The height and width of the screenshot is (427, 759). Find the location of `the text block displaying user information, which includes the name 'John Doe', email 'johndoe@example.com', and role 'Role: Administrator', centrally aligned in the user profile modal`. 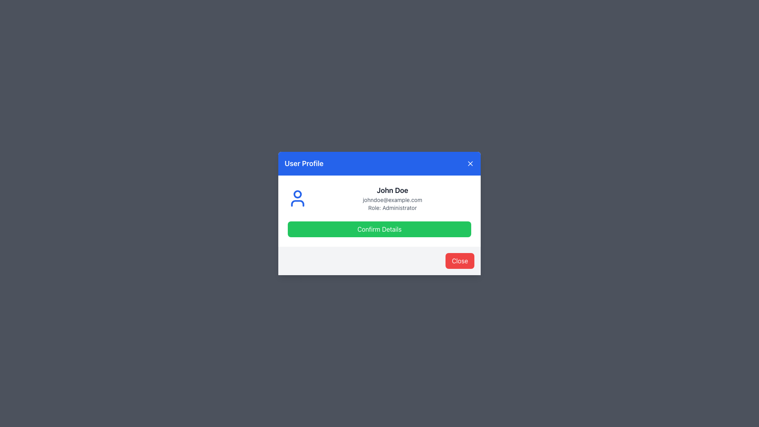

the text block displaying user information, which includes the name 'John Doe', email 'johndoe@example.com', and role 'Role: Administrator', centrally aligned in the user profile modal is located at coordinates (393, 198).